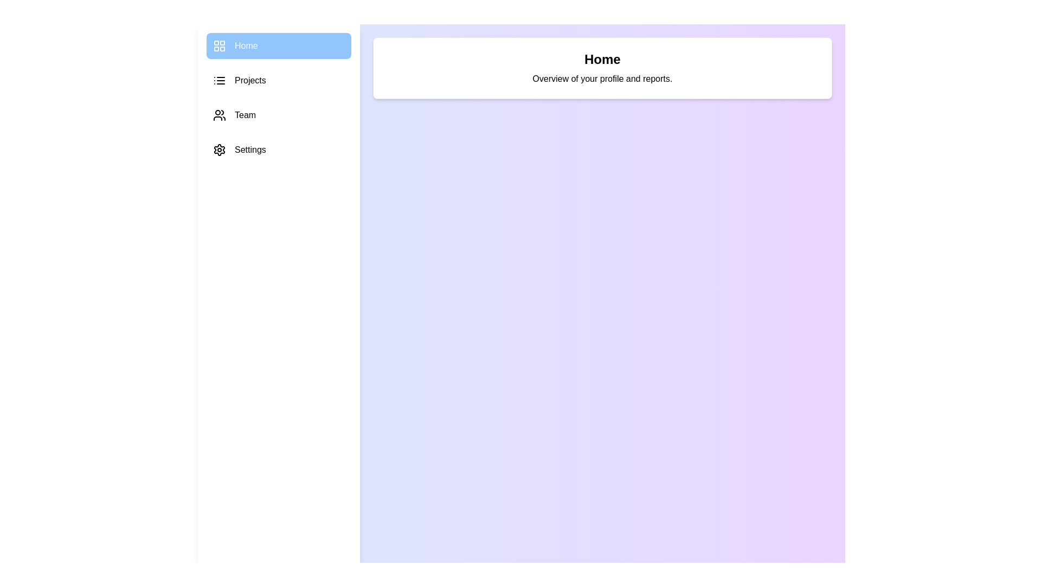 The height and width of the screenshot is (585, 1041). Describe the element at coordinates (279, 150) in the screenshot. I see `the section Settings from the sidebar menu` at that location.